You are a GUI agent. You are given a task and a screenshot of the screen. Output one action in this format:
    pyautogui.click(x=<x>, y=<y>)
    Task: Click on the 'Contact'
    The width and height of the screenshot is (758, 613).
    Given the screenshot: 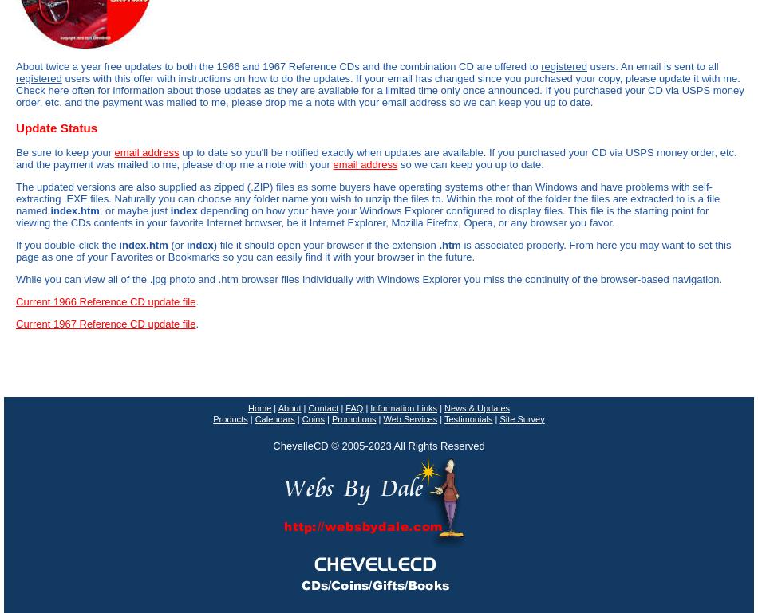 What is the action you would take?
    pyautogui.click(x=322, y=407)
    